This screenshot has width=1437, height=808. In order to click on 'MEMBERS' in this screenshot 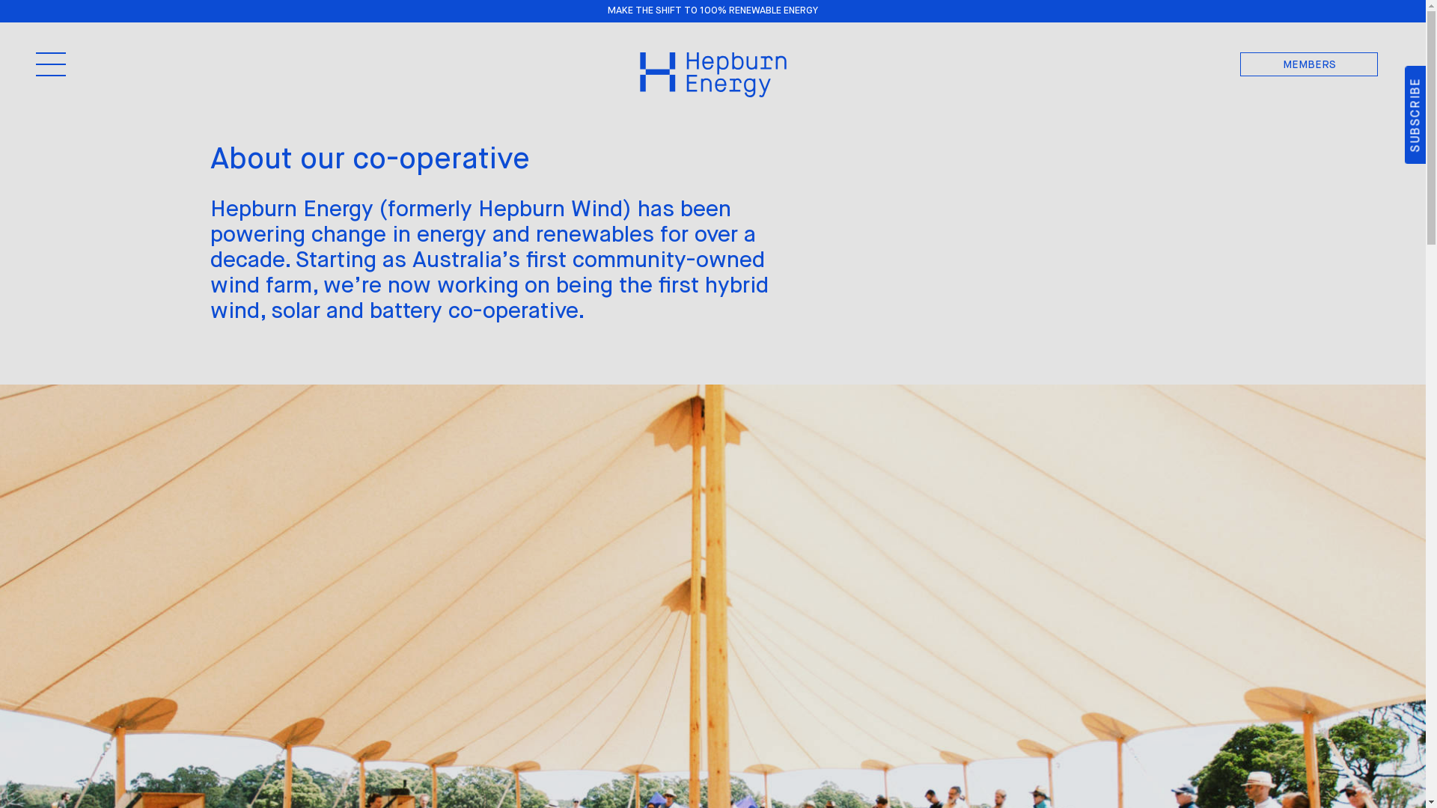, I will do `click(1308, 63)`.